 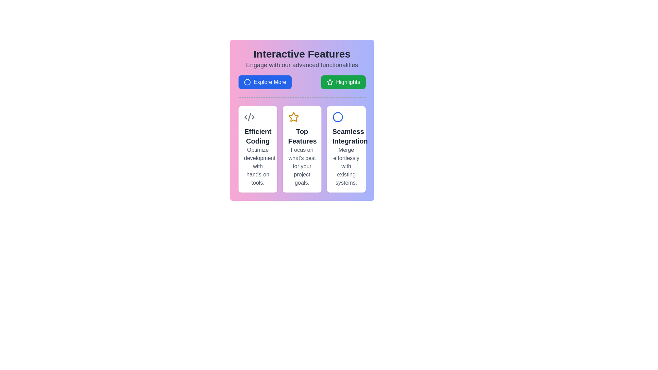 I want to click on the decorative icon within the 'Highlights' button, the second button in the horizontal group under 'Interactive Features', so click(x=330, y=82).